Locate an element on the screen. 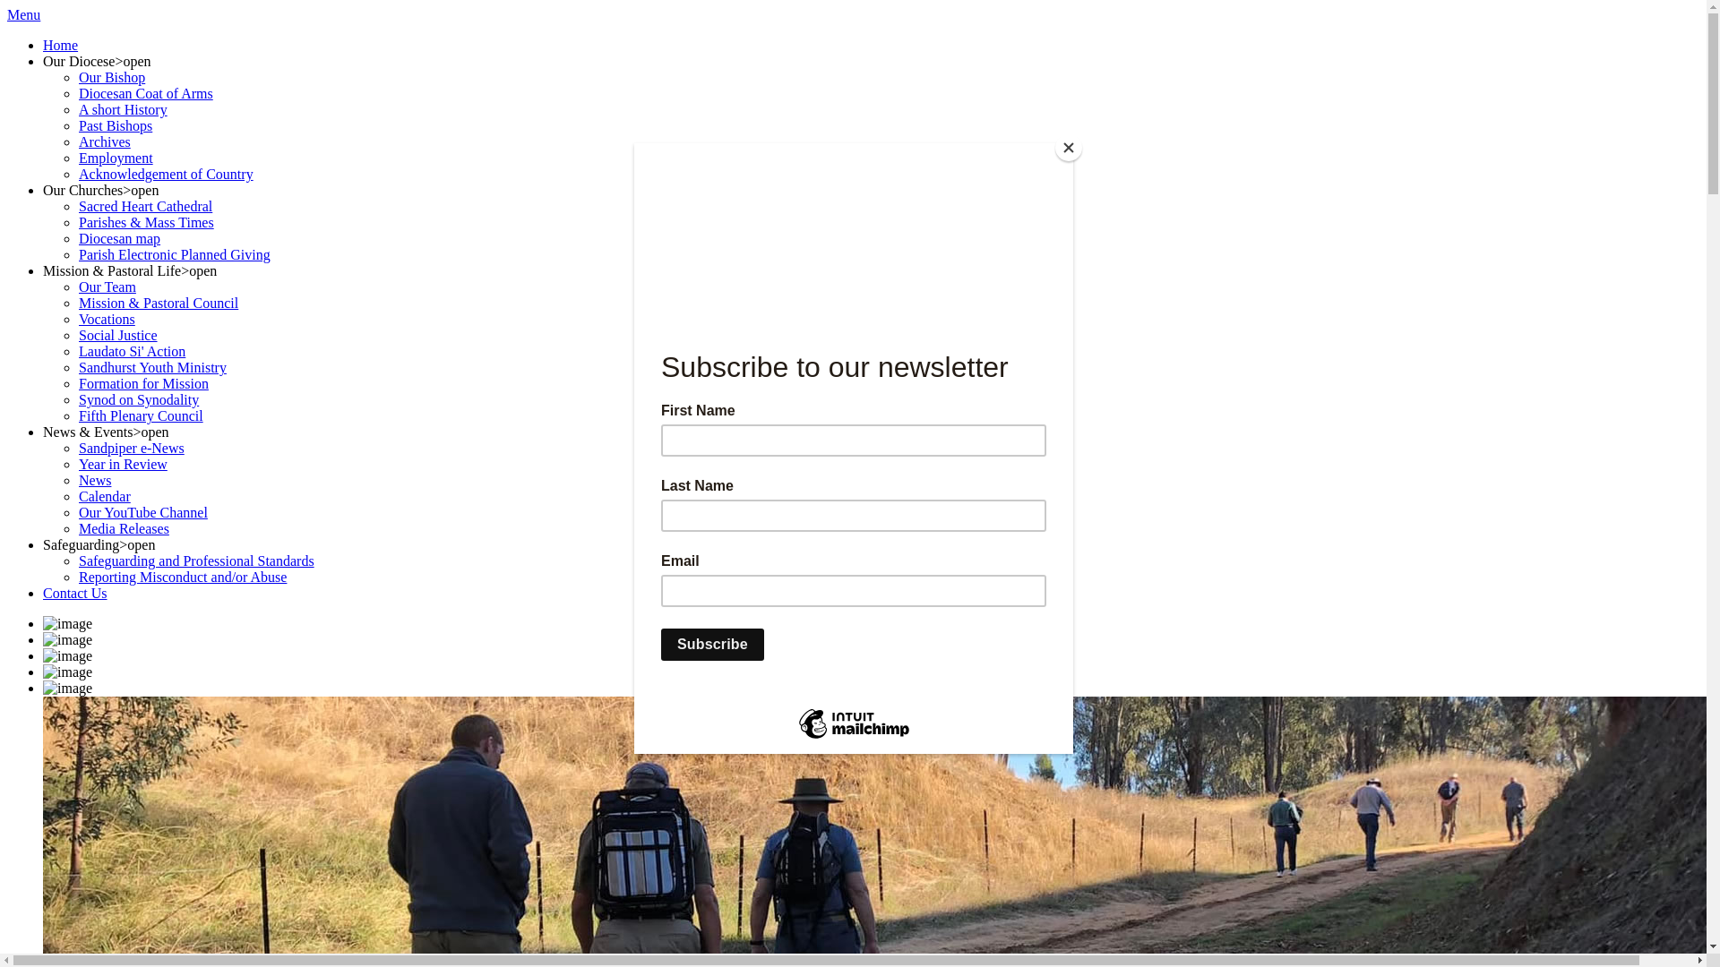 Image resolution: width=1720 pixels, height=967 pixels. 'Employment' is located at coordinates (115, 157).